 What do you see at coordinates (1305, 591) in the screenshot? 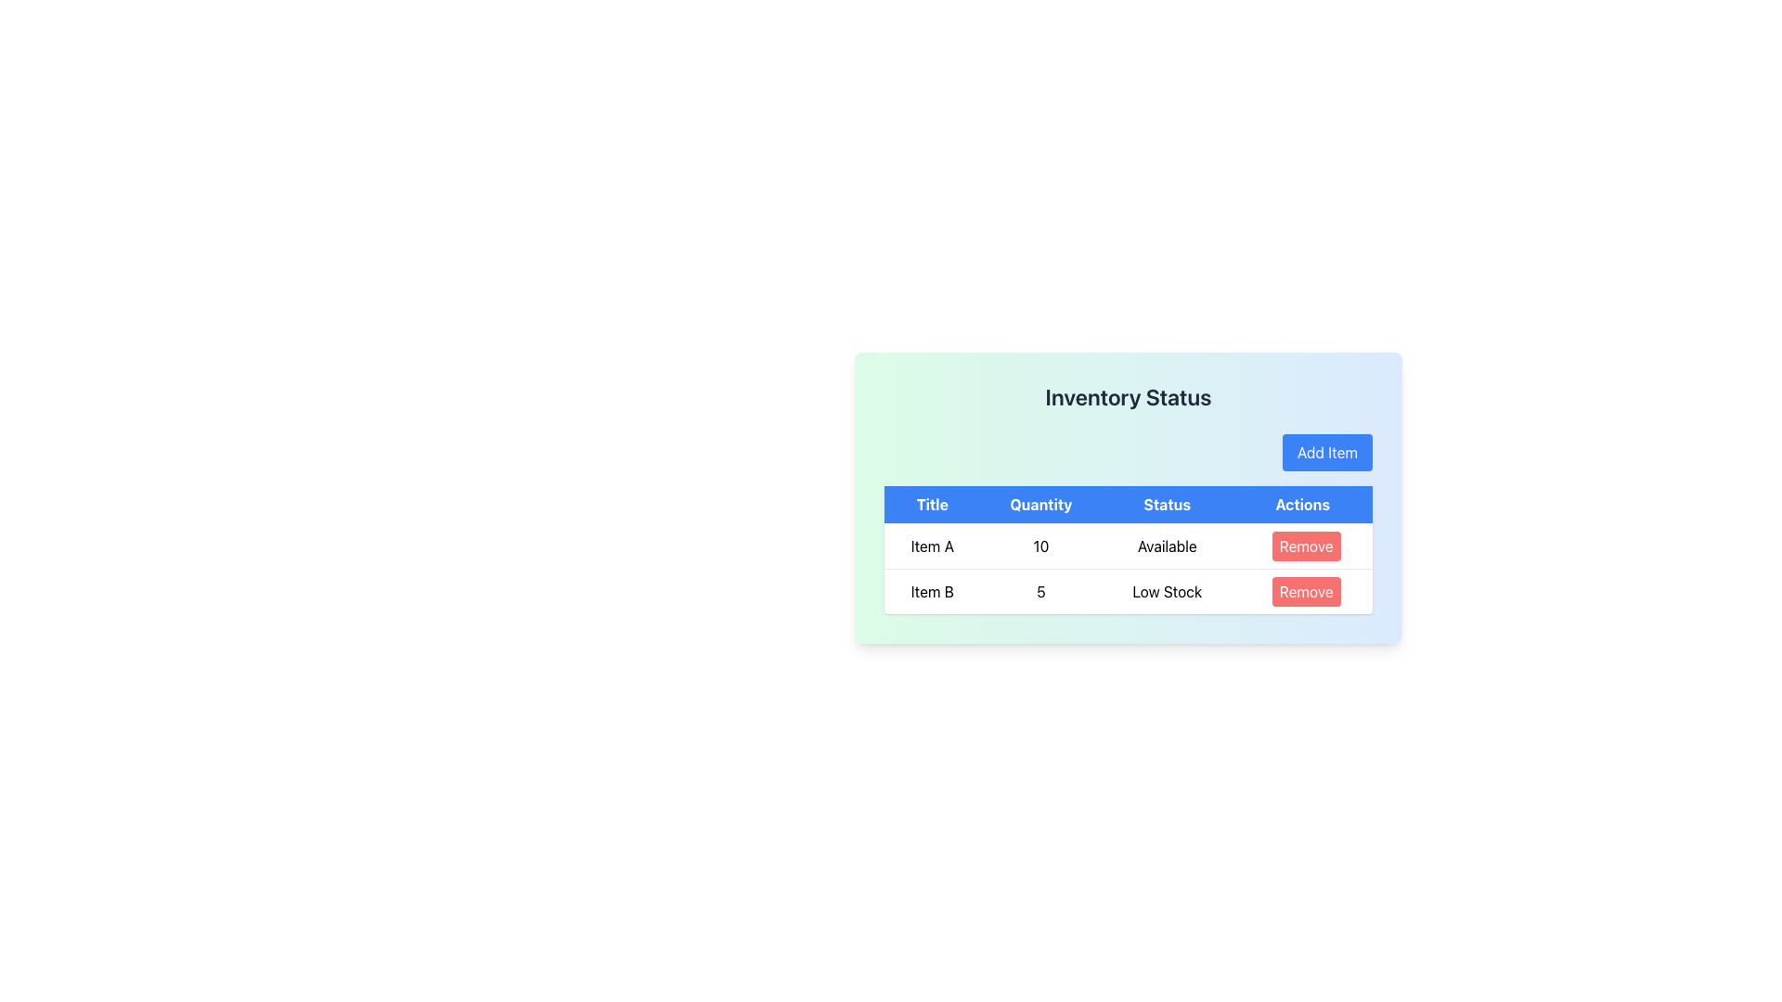
I see `the red 'Remove' button with white text in the 'Actions' column of the second row under the 'Inventory Status' section` at bounding box center [1305, 591].